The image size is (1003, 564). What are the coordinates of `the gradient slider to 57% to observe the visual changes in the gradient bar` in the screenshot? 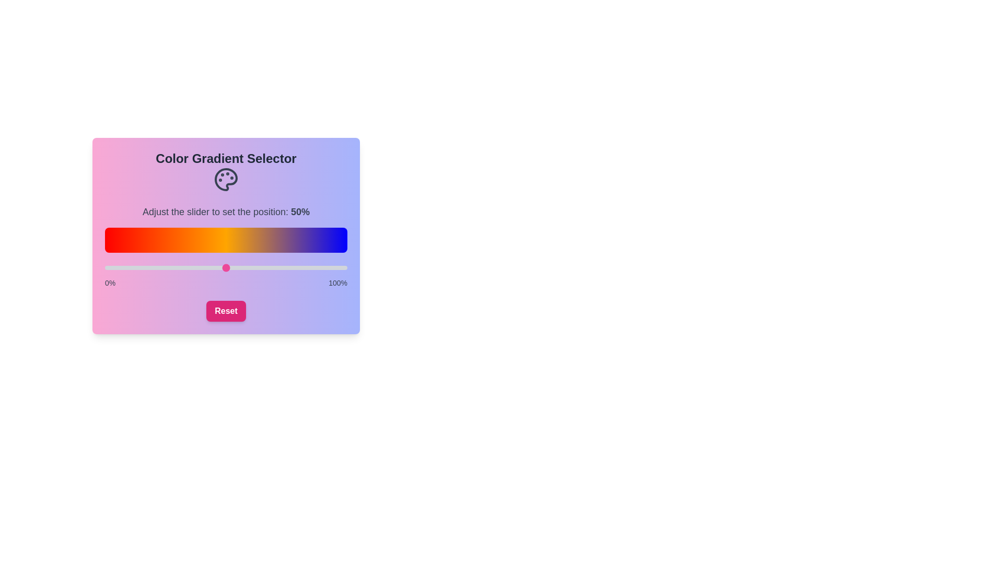 It's located at (242, 267).